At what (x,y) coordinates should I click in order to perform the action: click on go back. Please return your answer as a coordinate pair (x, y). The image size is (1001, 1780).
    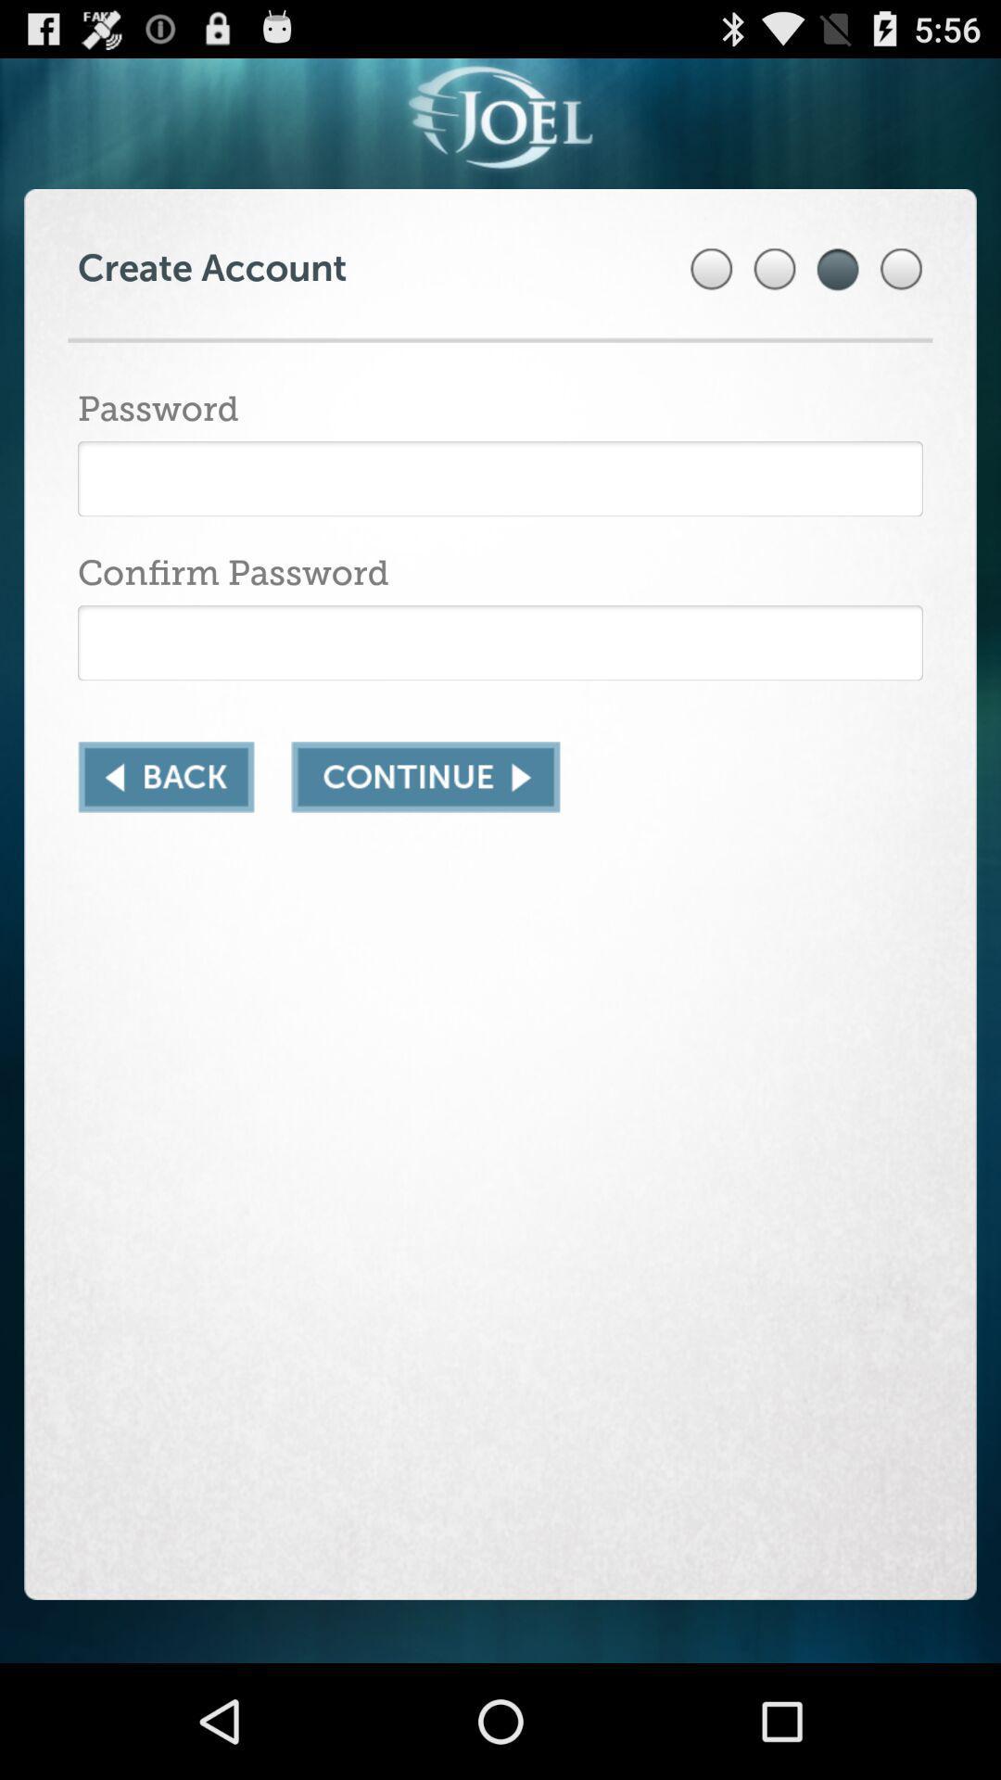
    Looking at the image, I should click on (165, 777).